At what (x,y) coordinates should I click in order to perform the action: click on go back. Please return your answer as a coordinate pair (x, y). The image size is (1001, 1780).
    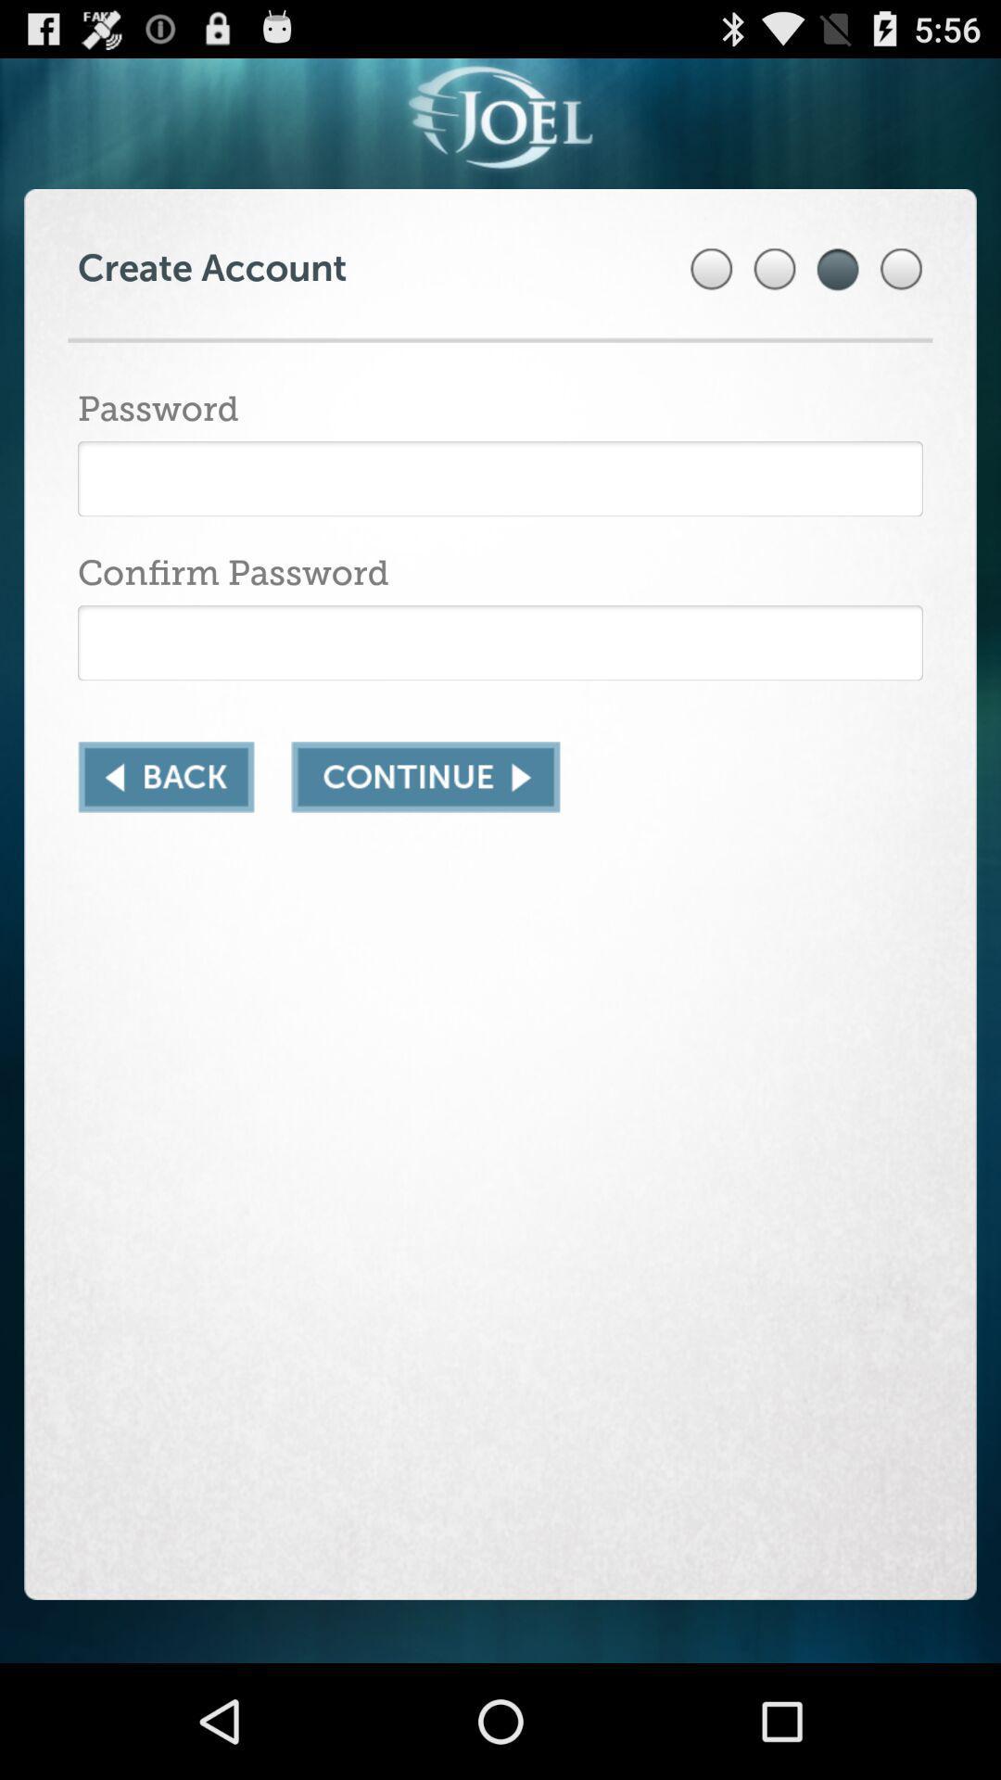
    Looking at the image, I should click on (165, 777).